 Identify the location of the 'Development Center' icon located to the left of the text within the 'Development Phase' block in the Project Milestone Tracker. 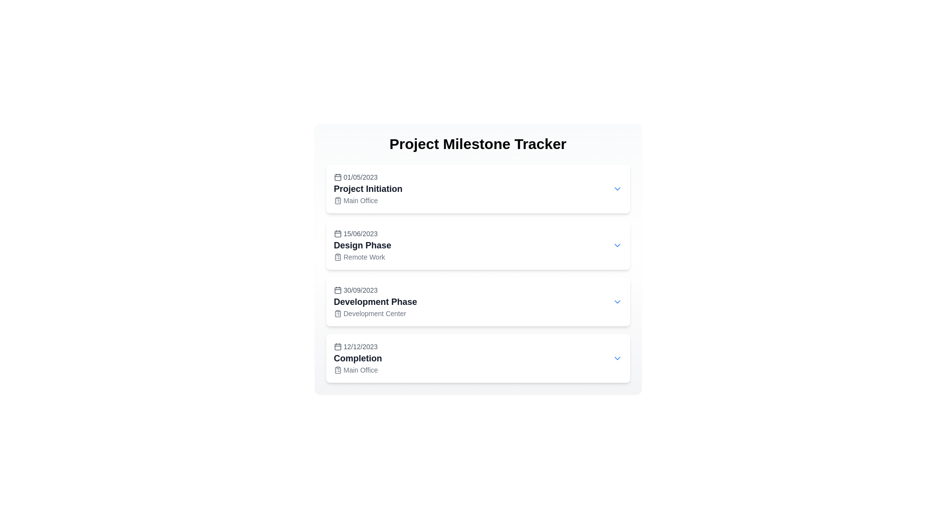
(337, 314).